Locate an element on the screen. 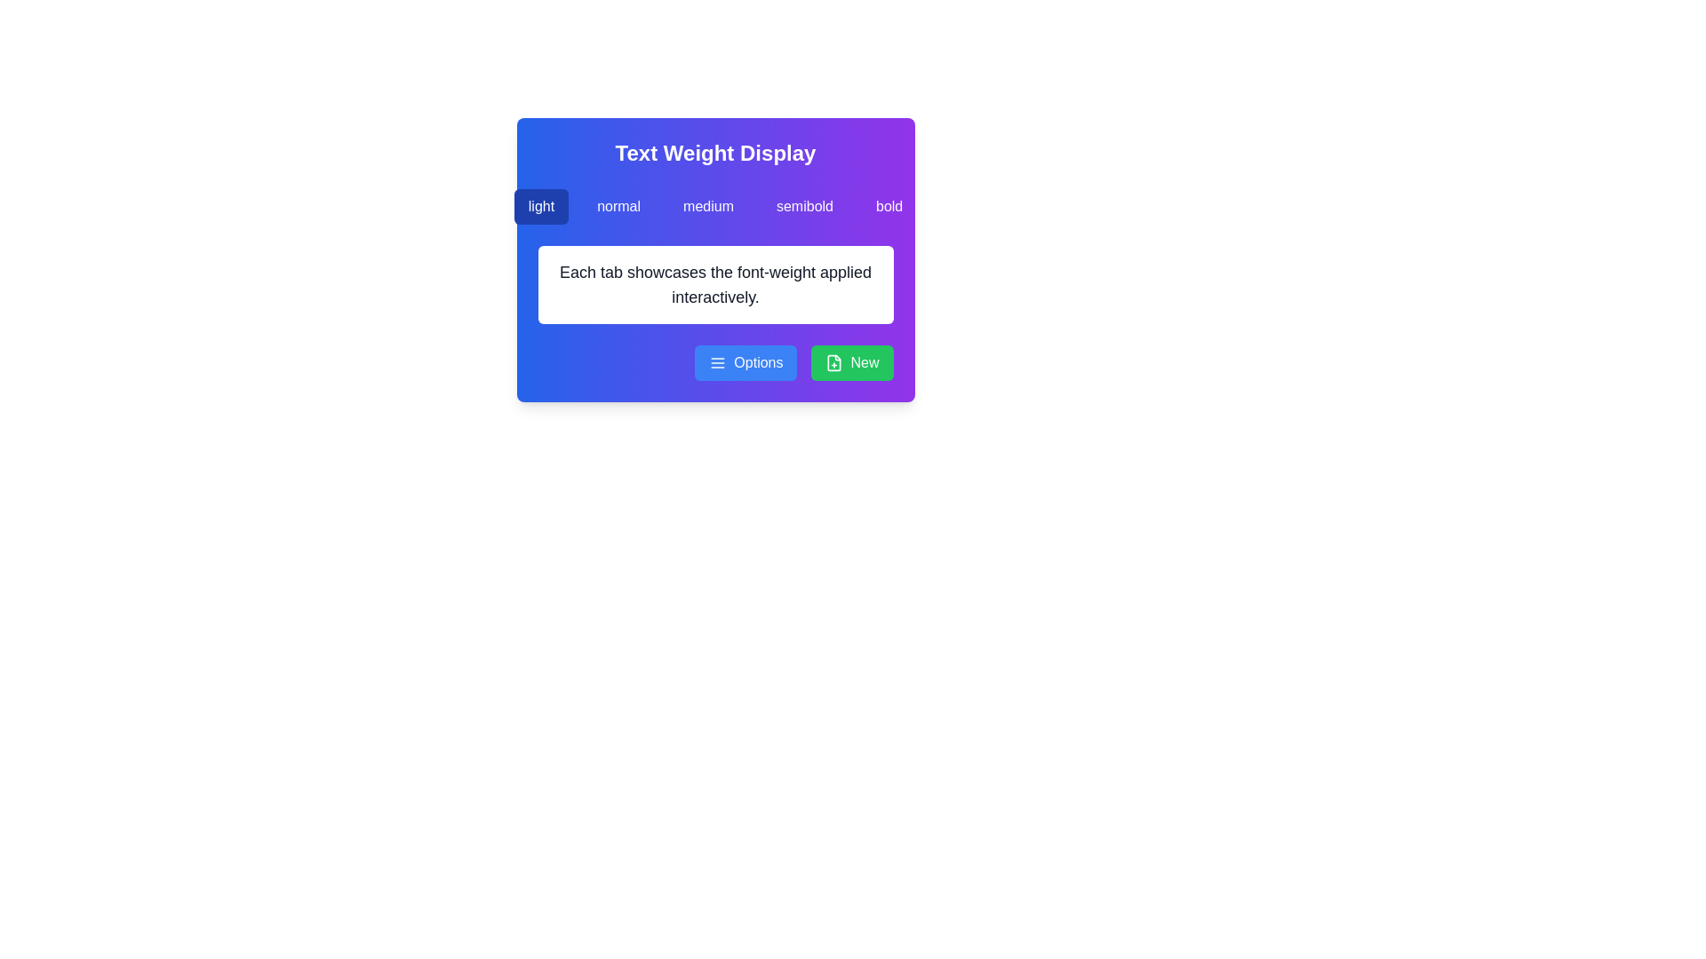 This screenshot has height=959, width=1706. the 'medium' button to apply medium weight, which is the third button in a horizontal group of five, located beneath the title 'Text Weight Display' is located at coordinates (707, 205).